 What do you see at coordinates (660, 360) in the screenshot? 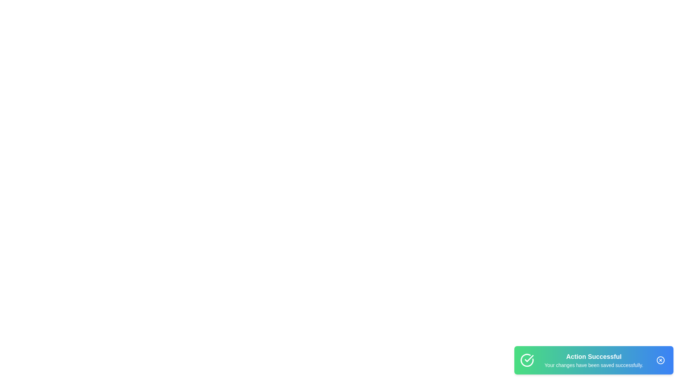
I see `close button on the snackbar to dismiss it` at bounding box center [660, 360].